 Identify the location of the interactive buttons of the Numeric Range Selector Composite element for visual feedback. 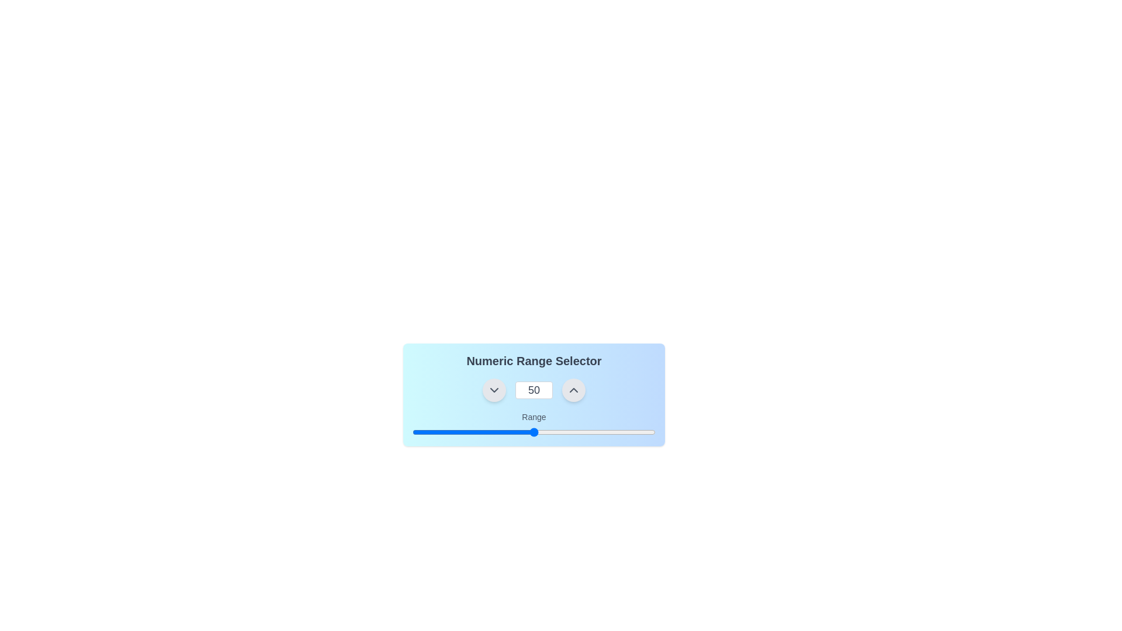
(533, 390).